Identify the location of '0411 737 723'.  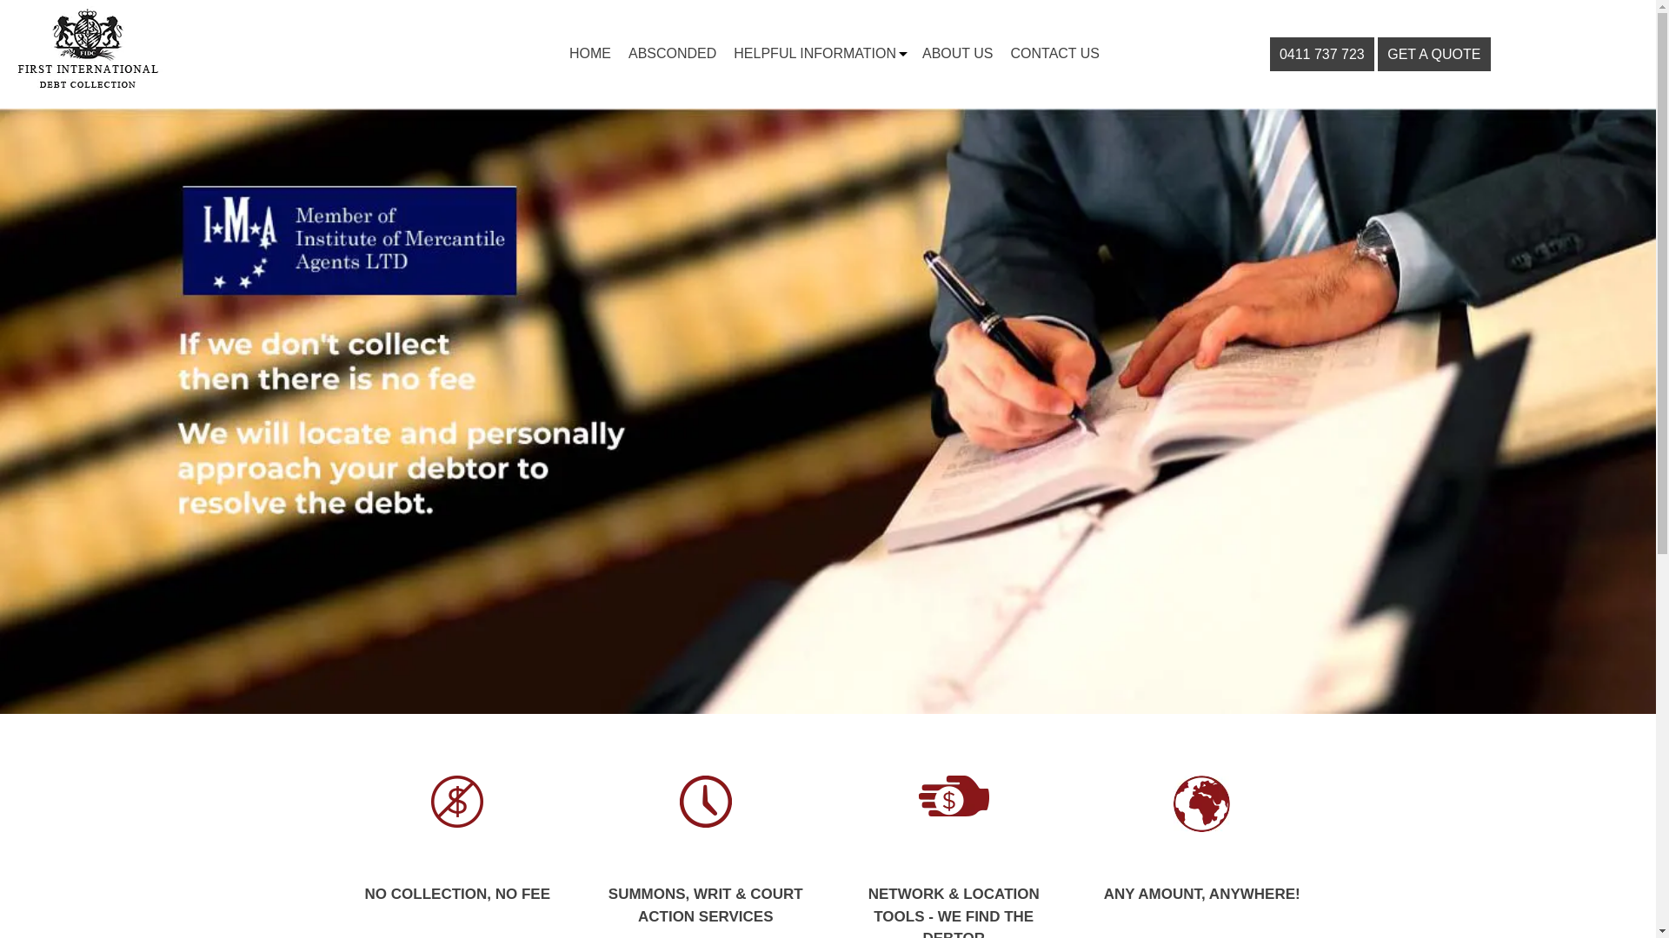
(1269, 53).